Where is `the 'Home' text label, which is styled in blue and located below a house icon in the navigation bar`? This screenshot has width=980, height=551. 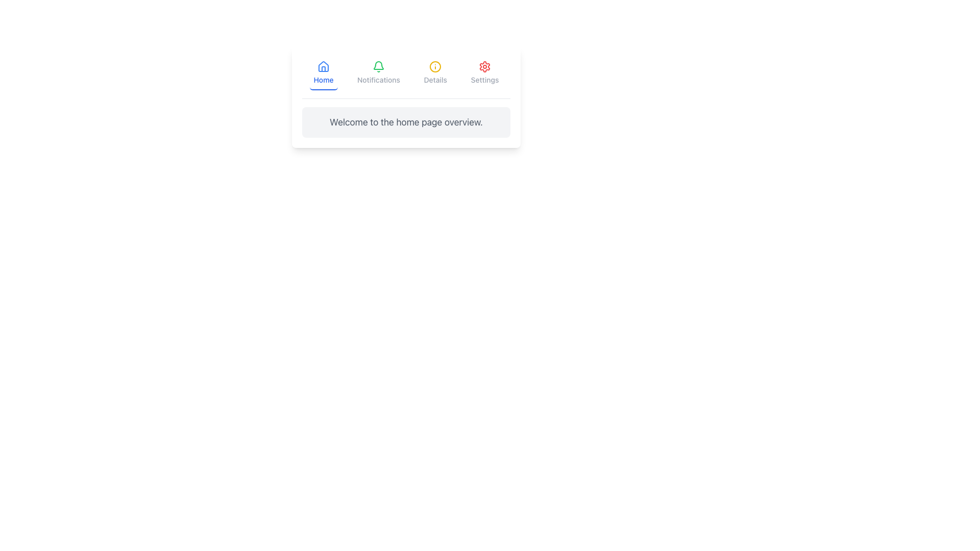 the 'Home' text label, which is styled in blue and located below a house icon in the navigation bar is located at coordinates (323, 80).